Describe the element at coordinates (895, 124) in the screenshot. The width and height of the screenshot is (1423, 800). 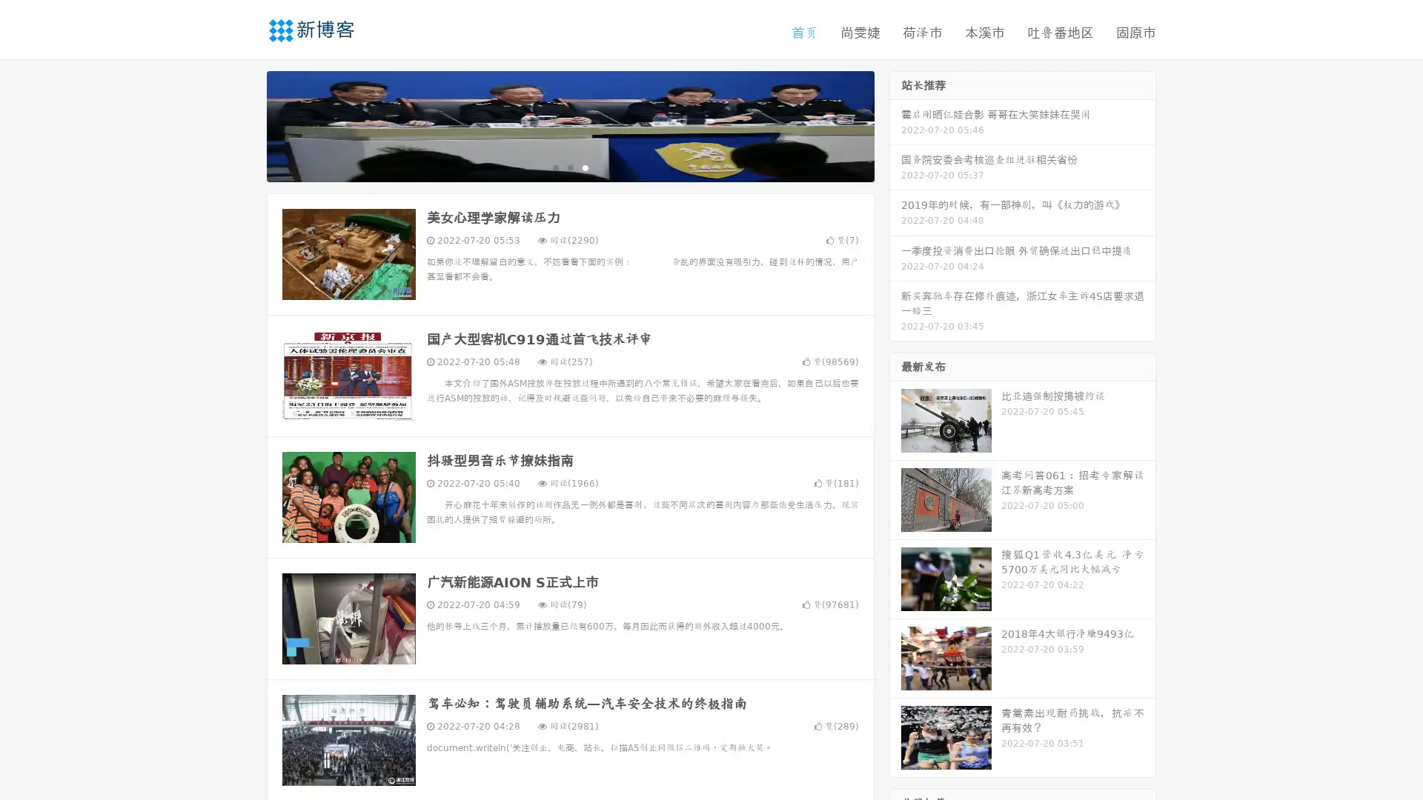
I see `Next slide` at that location.